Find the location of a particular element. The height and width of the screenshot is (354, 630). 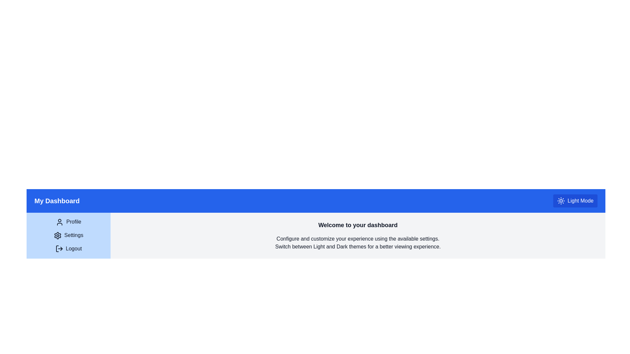

the 'Settings' menu item, which is the second item in a vertically stacked menu section containing 'Profile', 'Settings', and 'Logout' is located at coordinates (69, 235).